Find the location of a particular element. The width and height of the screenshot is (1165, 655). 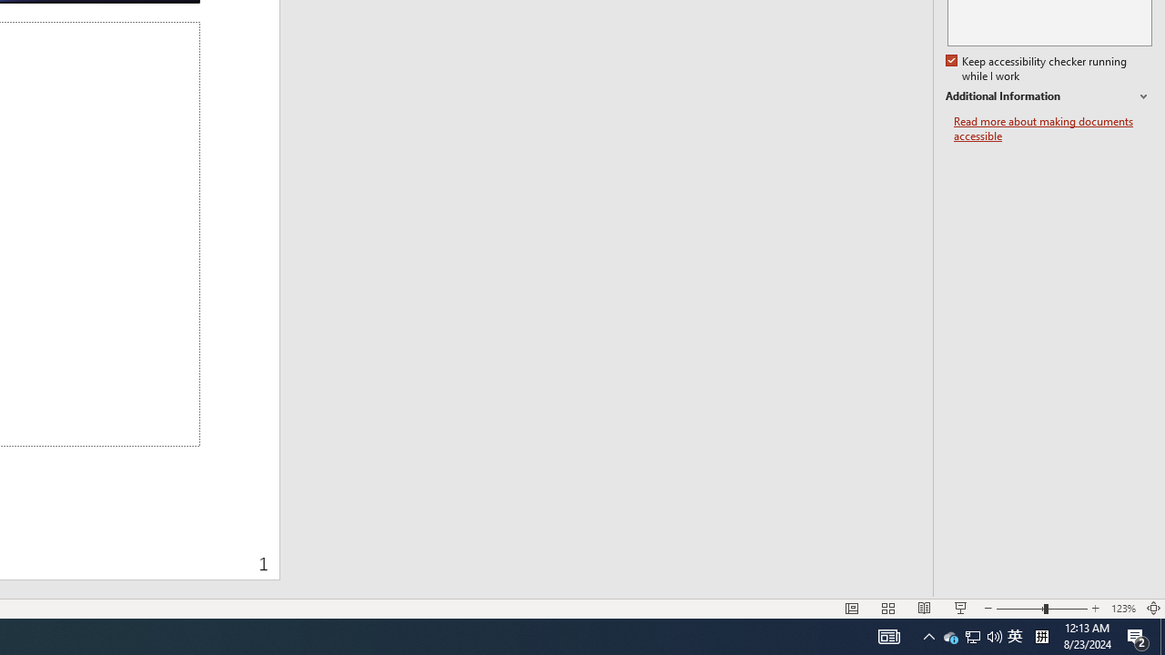

'Zoom 123%' is located at coordinates (1122, 609).